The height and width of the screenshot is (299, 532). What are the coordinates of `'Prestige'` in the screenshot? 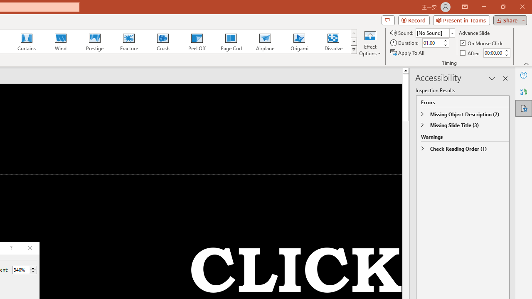 It's located at (94, 42).